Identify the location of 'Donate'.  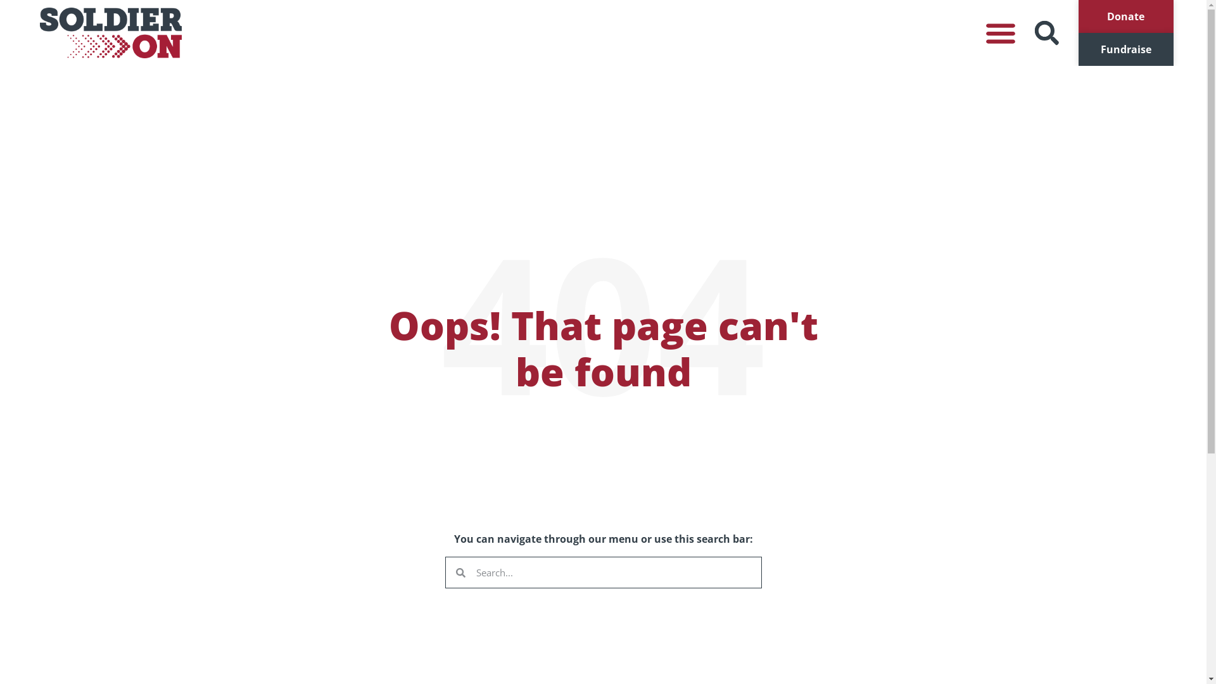
(1125, 16).